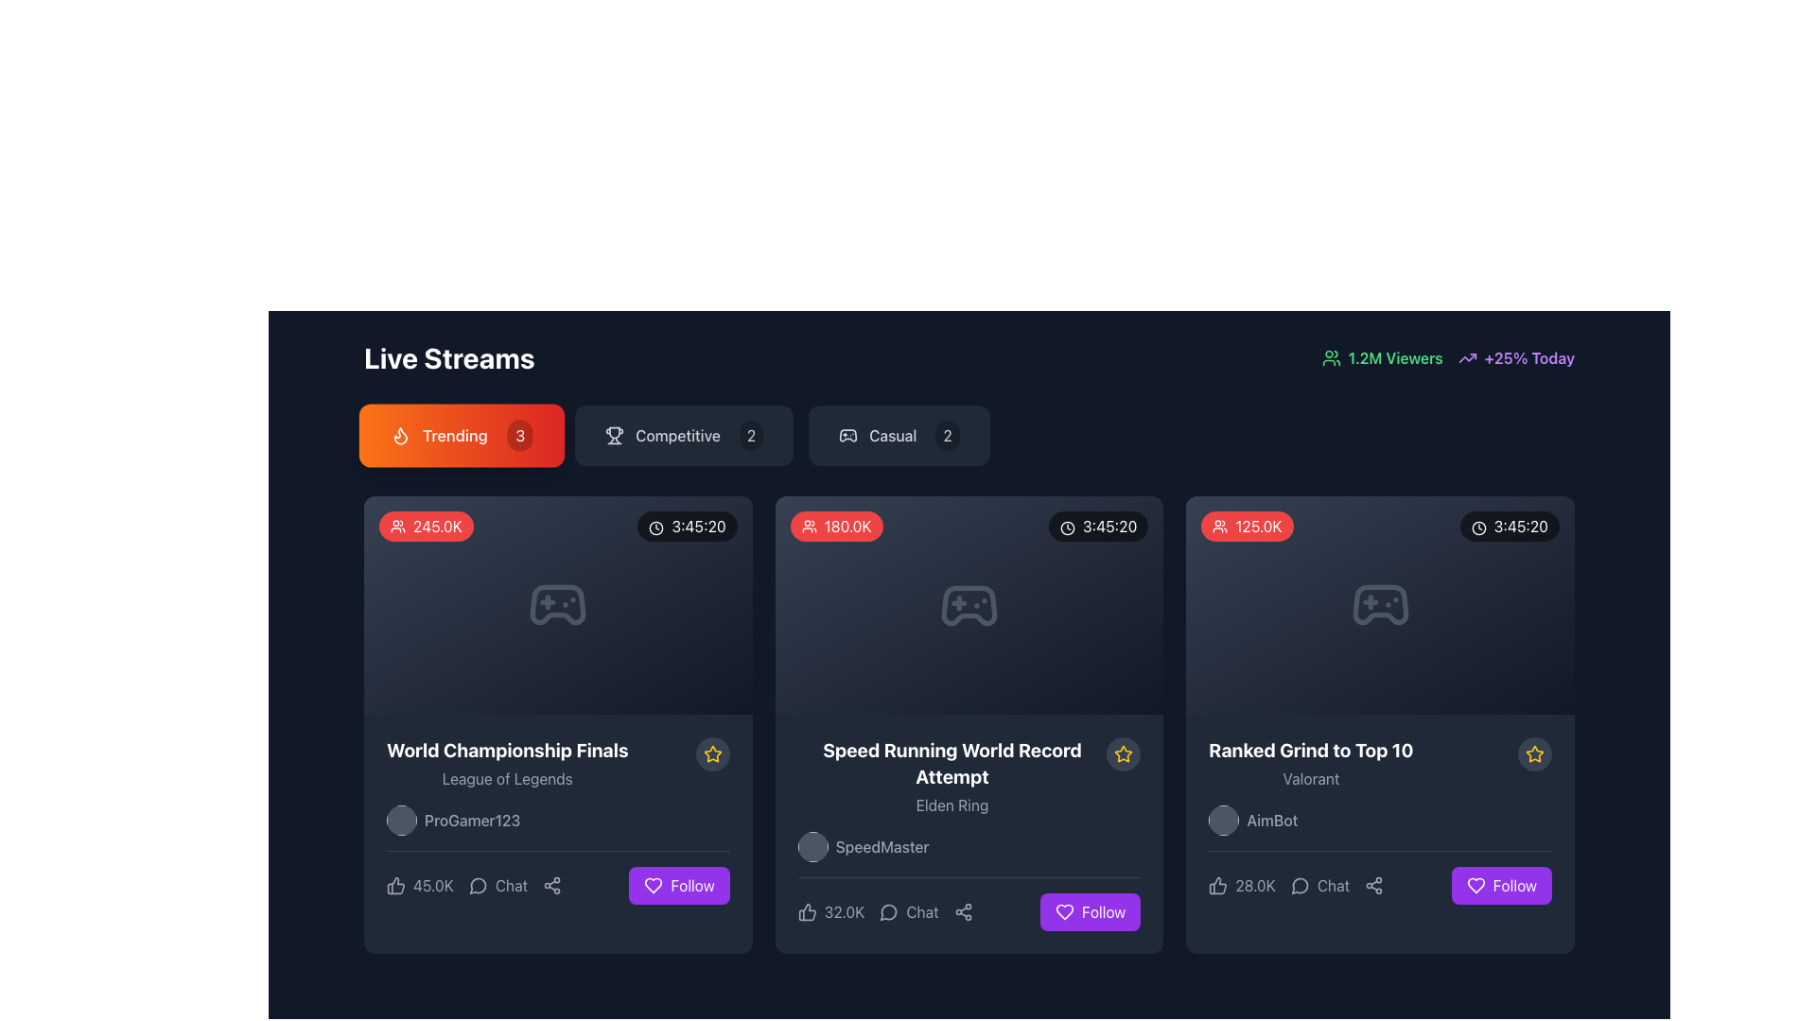 Image resolution: width=1816 pixels, height=1021 pixels. What do you see at coordinates (474, 886) in the screenshot?
I see `the interactive label with the speech bubble icon and the label 'Chat' located at the bottom-left of the 'World Championship Finals' card` at bounding box center [474, 886].